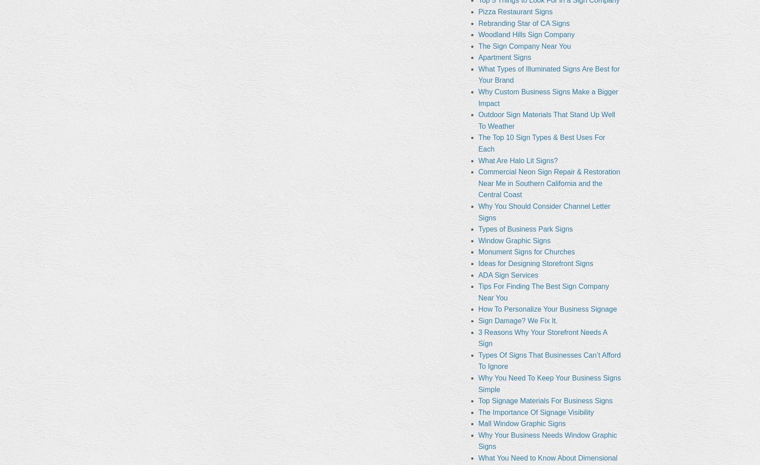  Describe the element at coordinates (526, 34) in the screenshot. I see `'Woodland Hills Sign Company'` at that location.